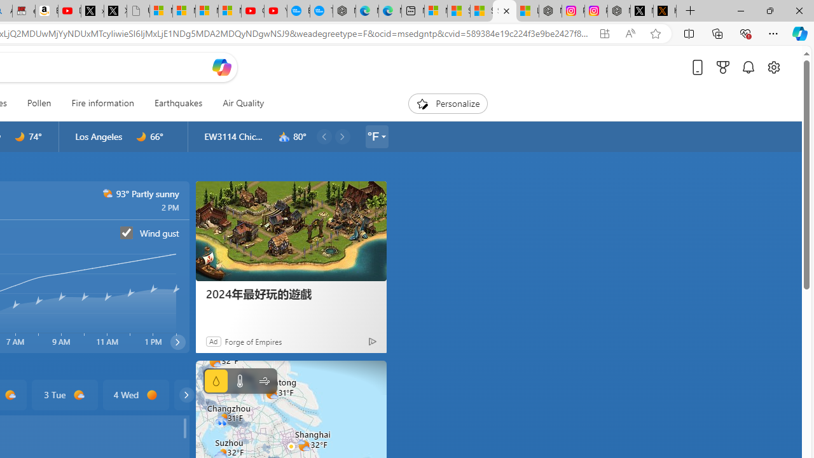 The width and height of the screenshot is (814, 458). Describe the element at coordinates (138, 11) in the screenshot. I see `'Untitled'` at that location.